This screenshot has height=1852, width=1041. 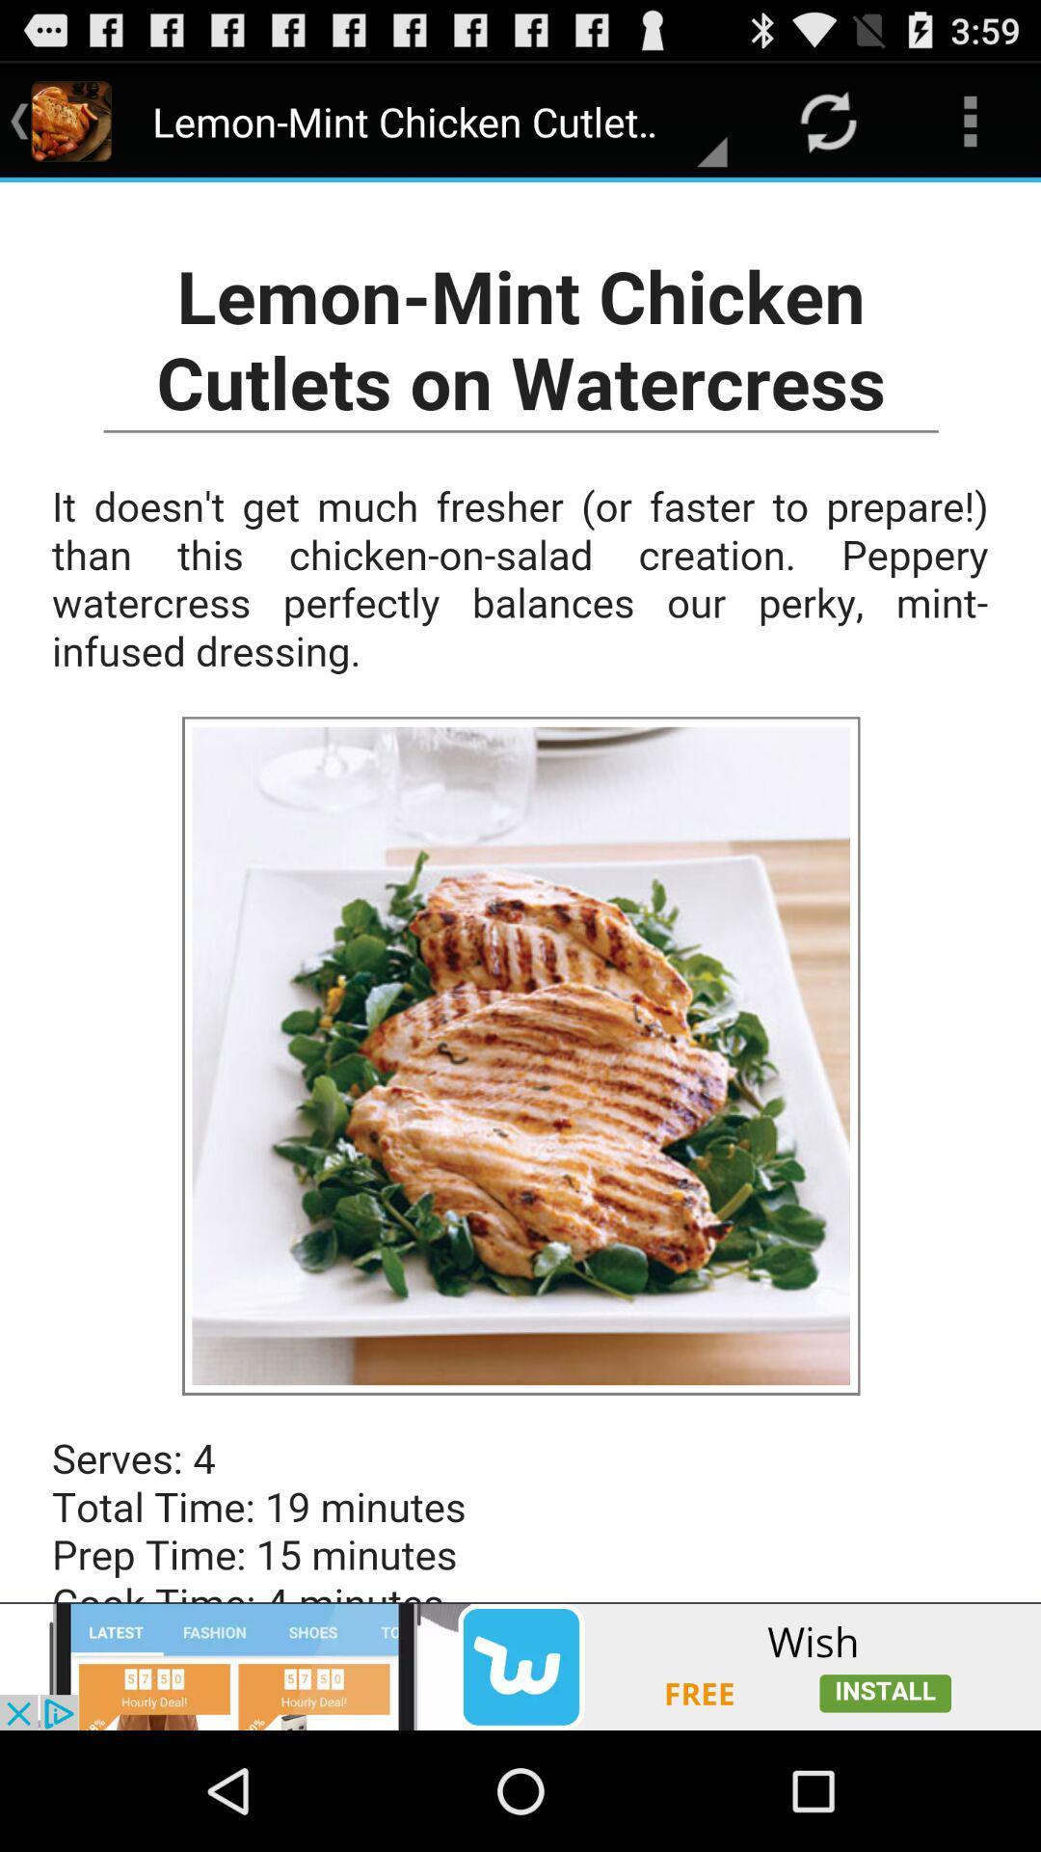 I want to click on screen saver, so click(x=520, y=891).